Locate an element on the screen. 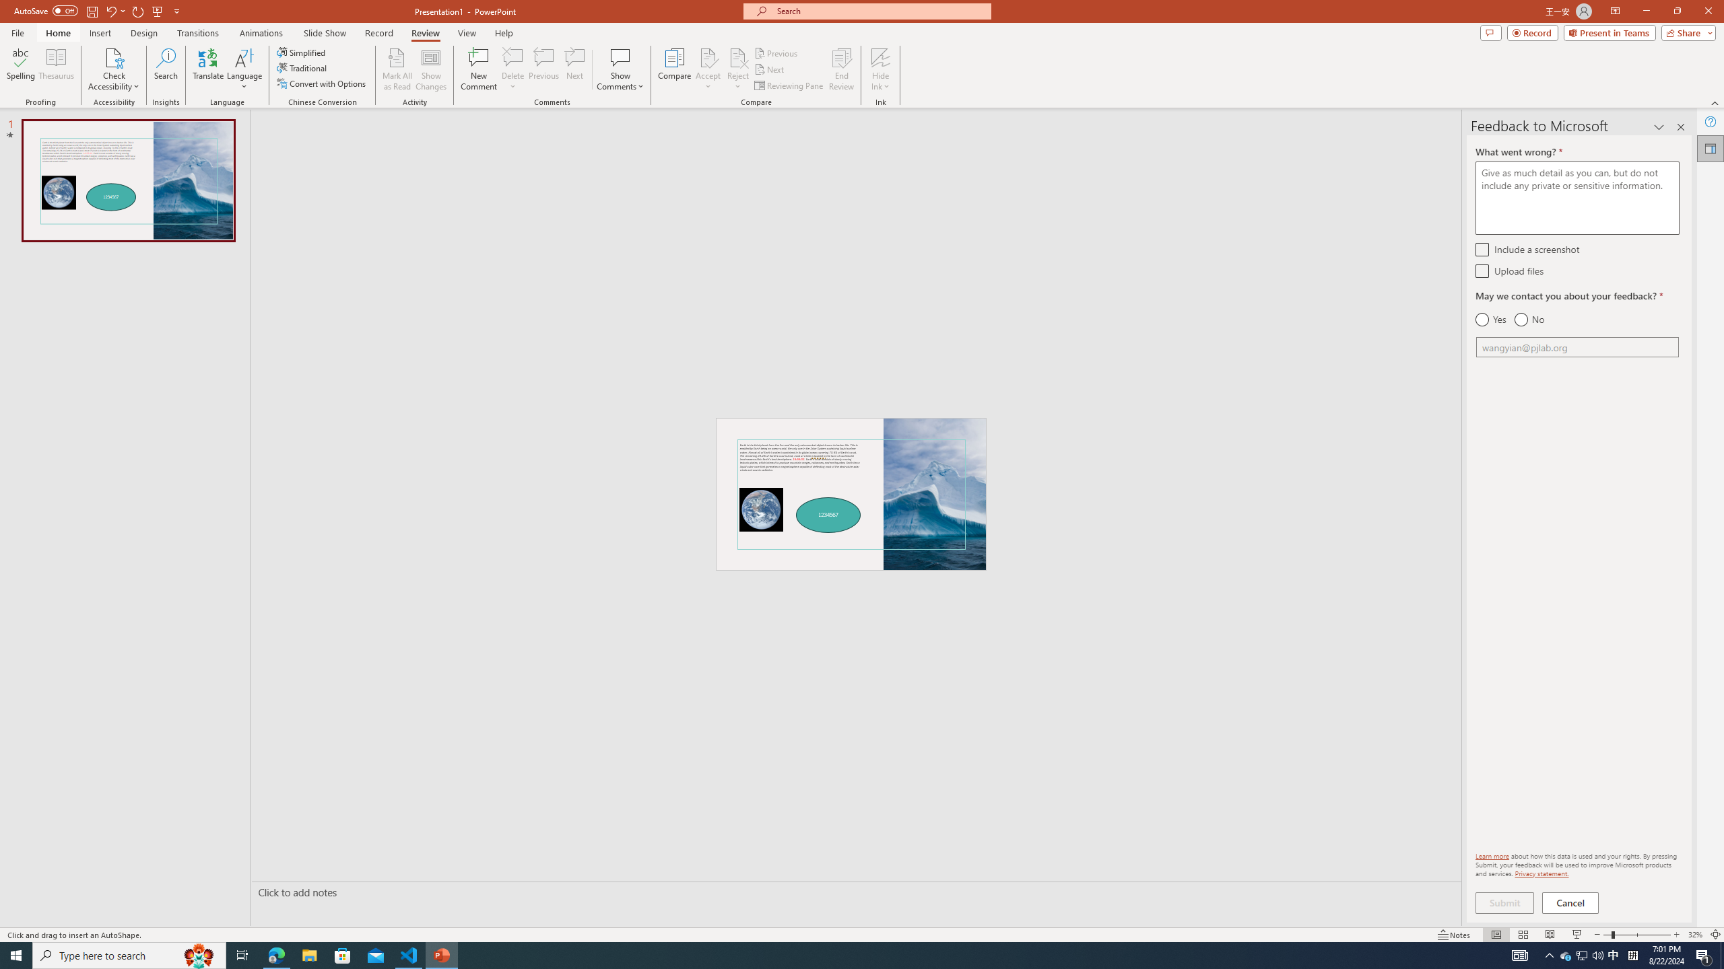 The image size is (1724, 969). 'Compare' is located at coordinates (675, 69).